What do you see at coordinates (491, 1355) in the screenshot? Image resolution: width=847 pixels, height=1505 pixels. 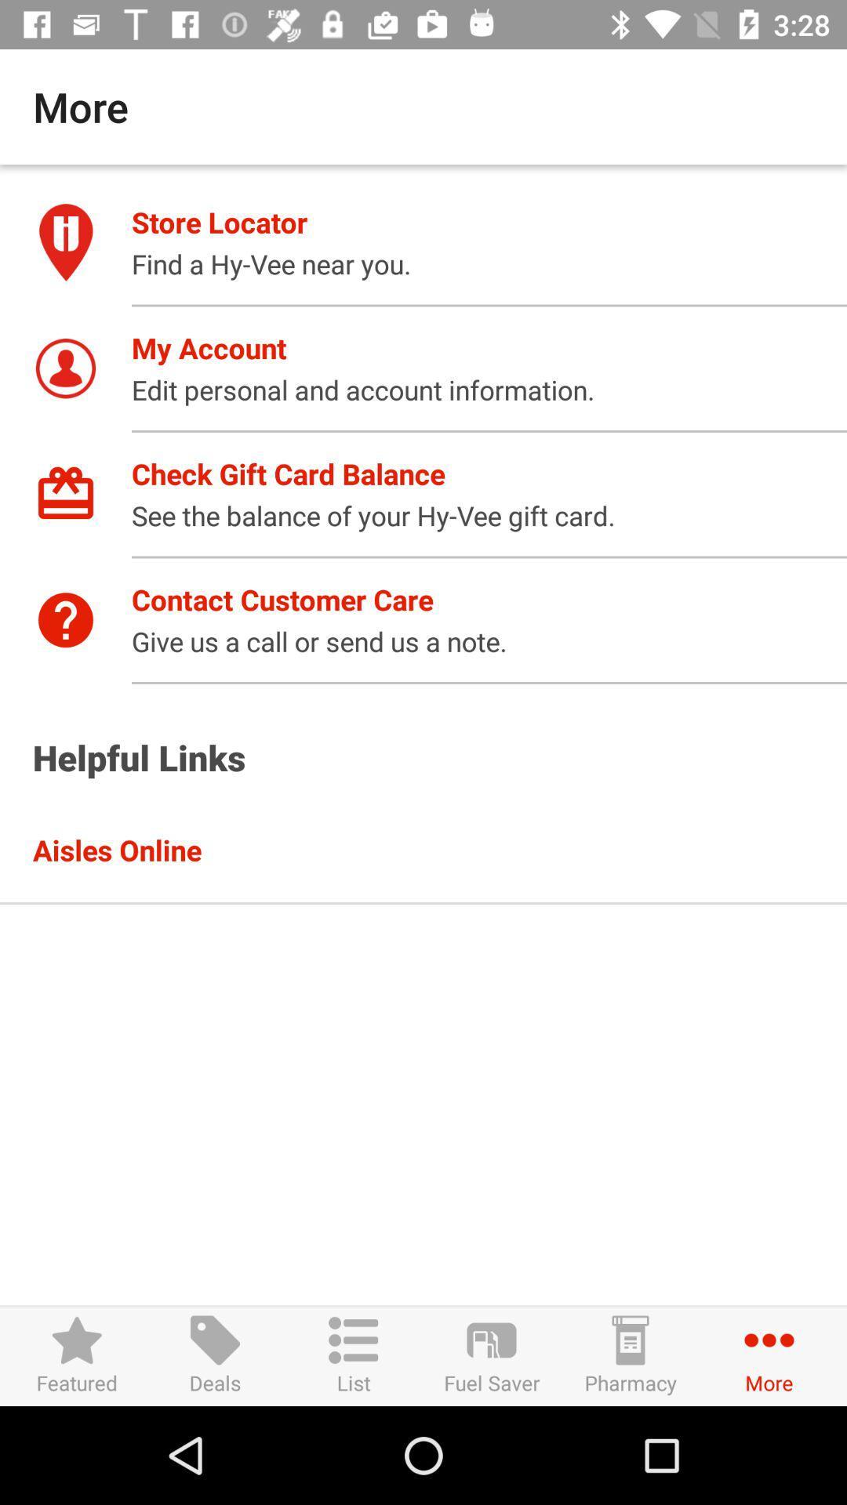 I see `fuel saver icon` at bounding box center [491, 1355].